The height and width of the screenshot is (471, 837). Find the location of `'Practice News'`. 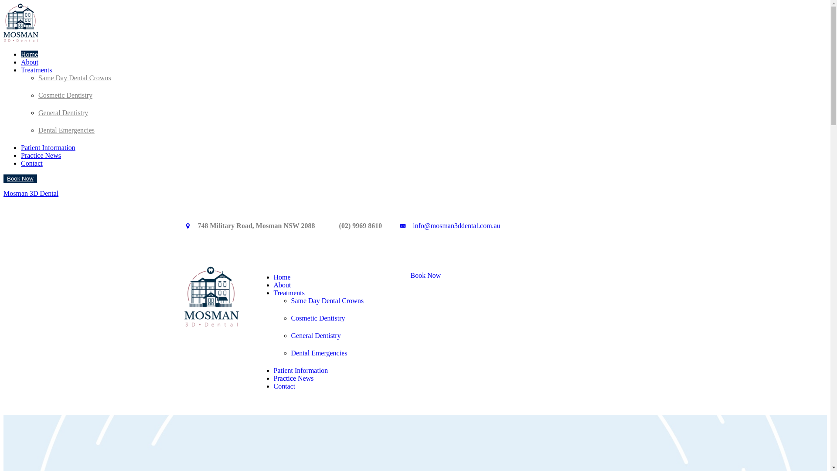

'Practice News' is located at coordinates (41, 155).